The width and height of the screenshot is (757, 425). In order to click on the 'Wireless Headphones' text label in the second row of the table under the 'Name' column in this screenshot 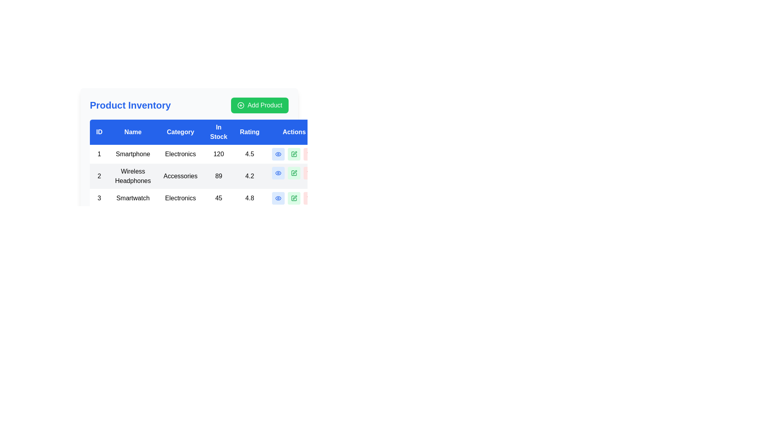, I will do `click(133, 176)`.